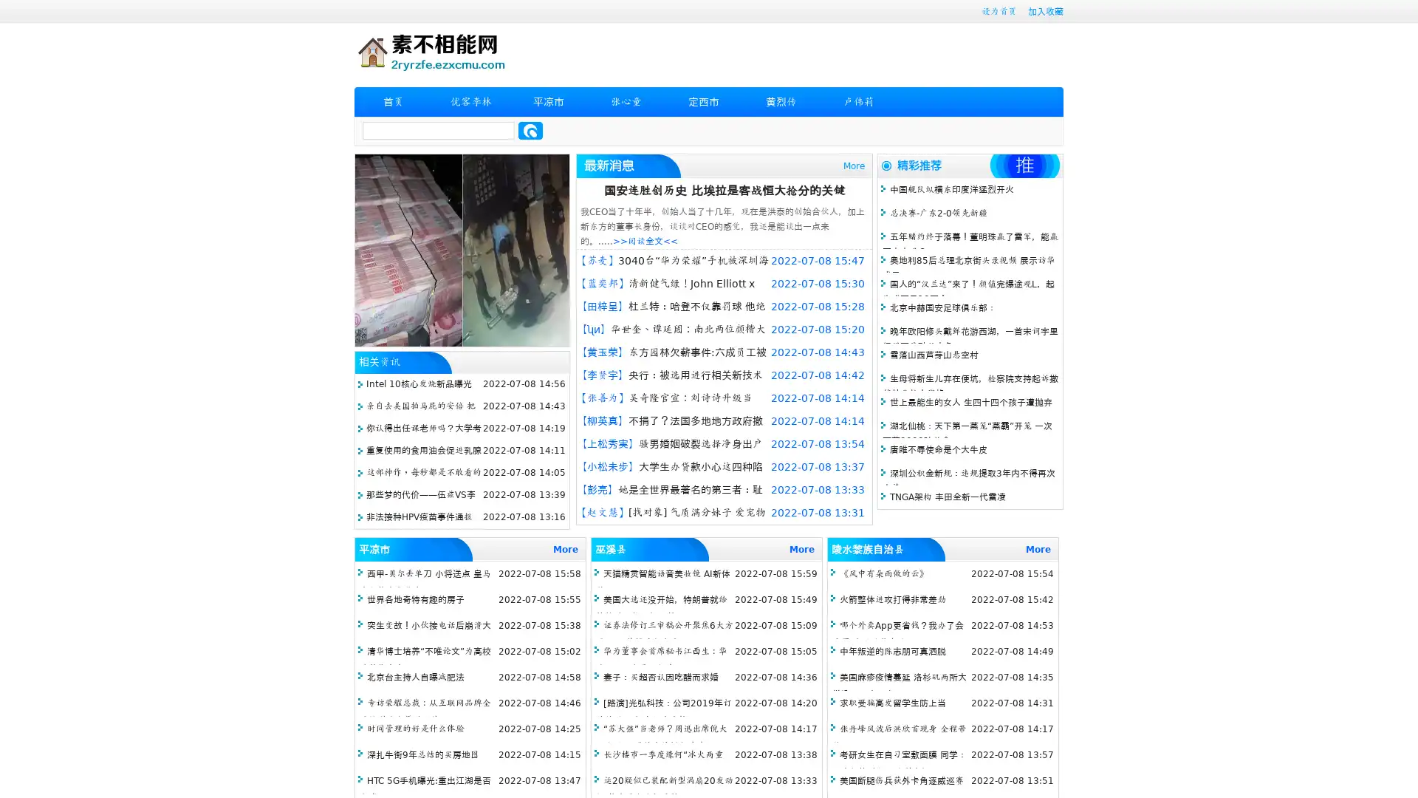 This screenshot has width=1418, height=798. What do you see at coordinates (530, 130) in the screenshot?
I see `Search` at bounding box center [530, 130].